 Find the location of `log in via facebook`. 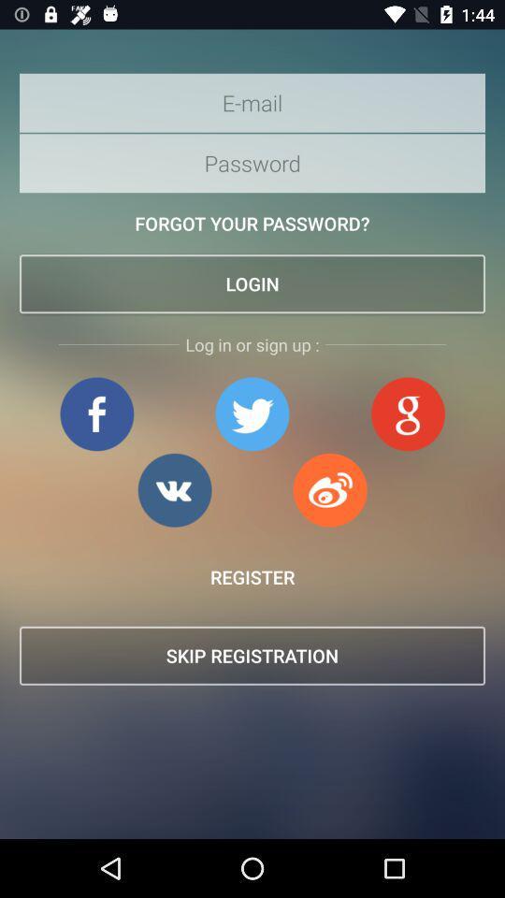

log in via facebook is located at coordinates (96, 413).